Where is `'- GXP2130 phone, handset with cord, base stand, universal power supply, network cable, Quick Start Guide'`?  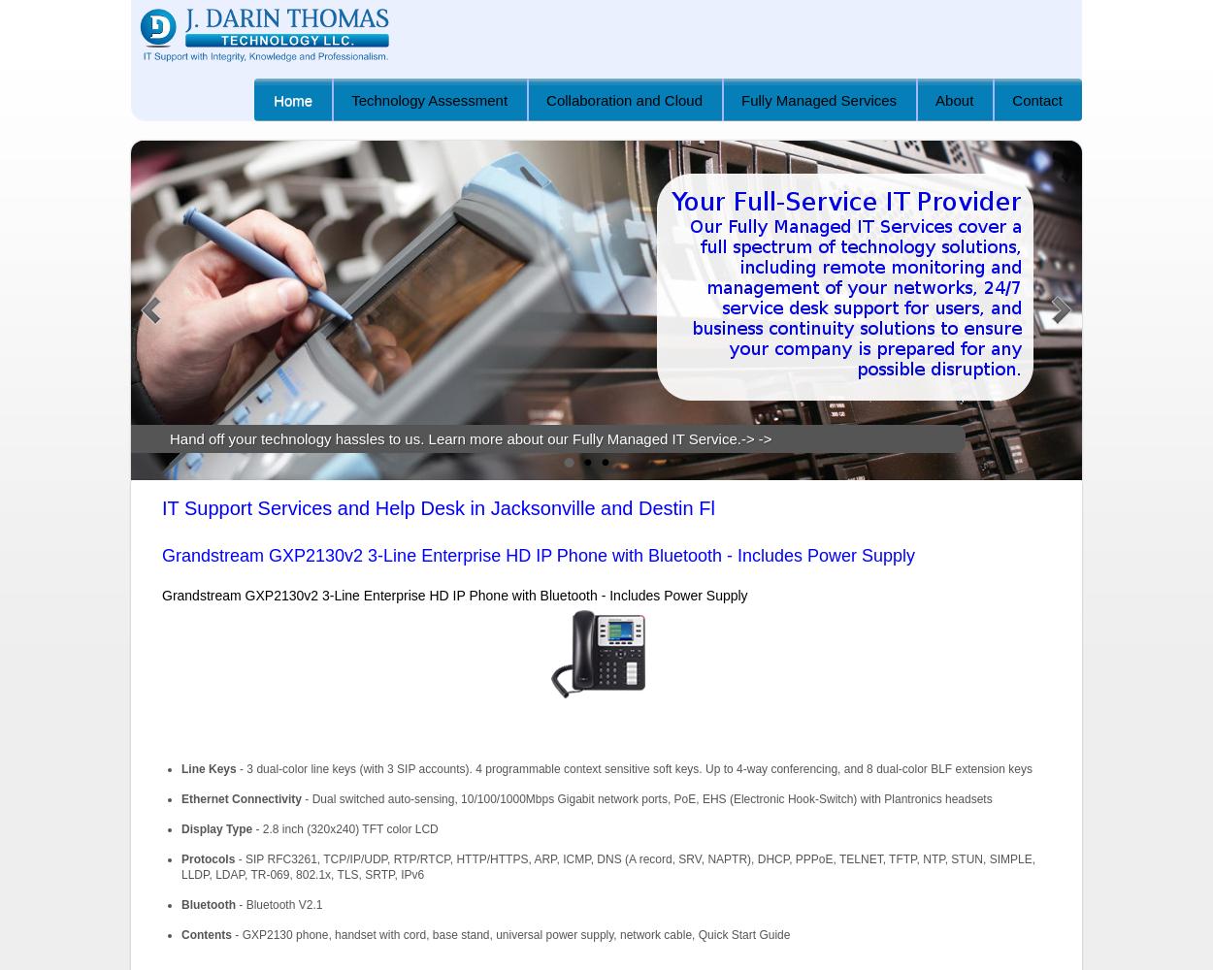
'- GXP2130 phone, handset with cord, base stand, universal power supply, network cable, Quick Start Guide' is located at coordinates (510, 934).